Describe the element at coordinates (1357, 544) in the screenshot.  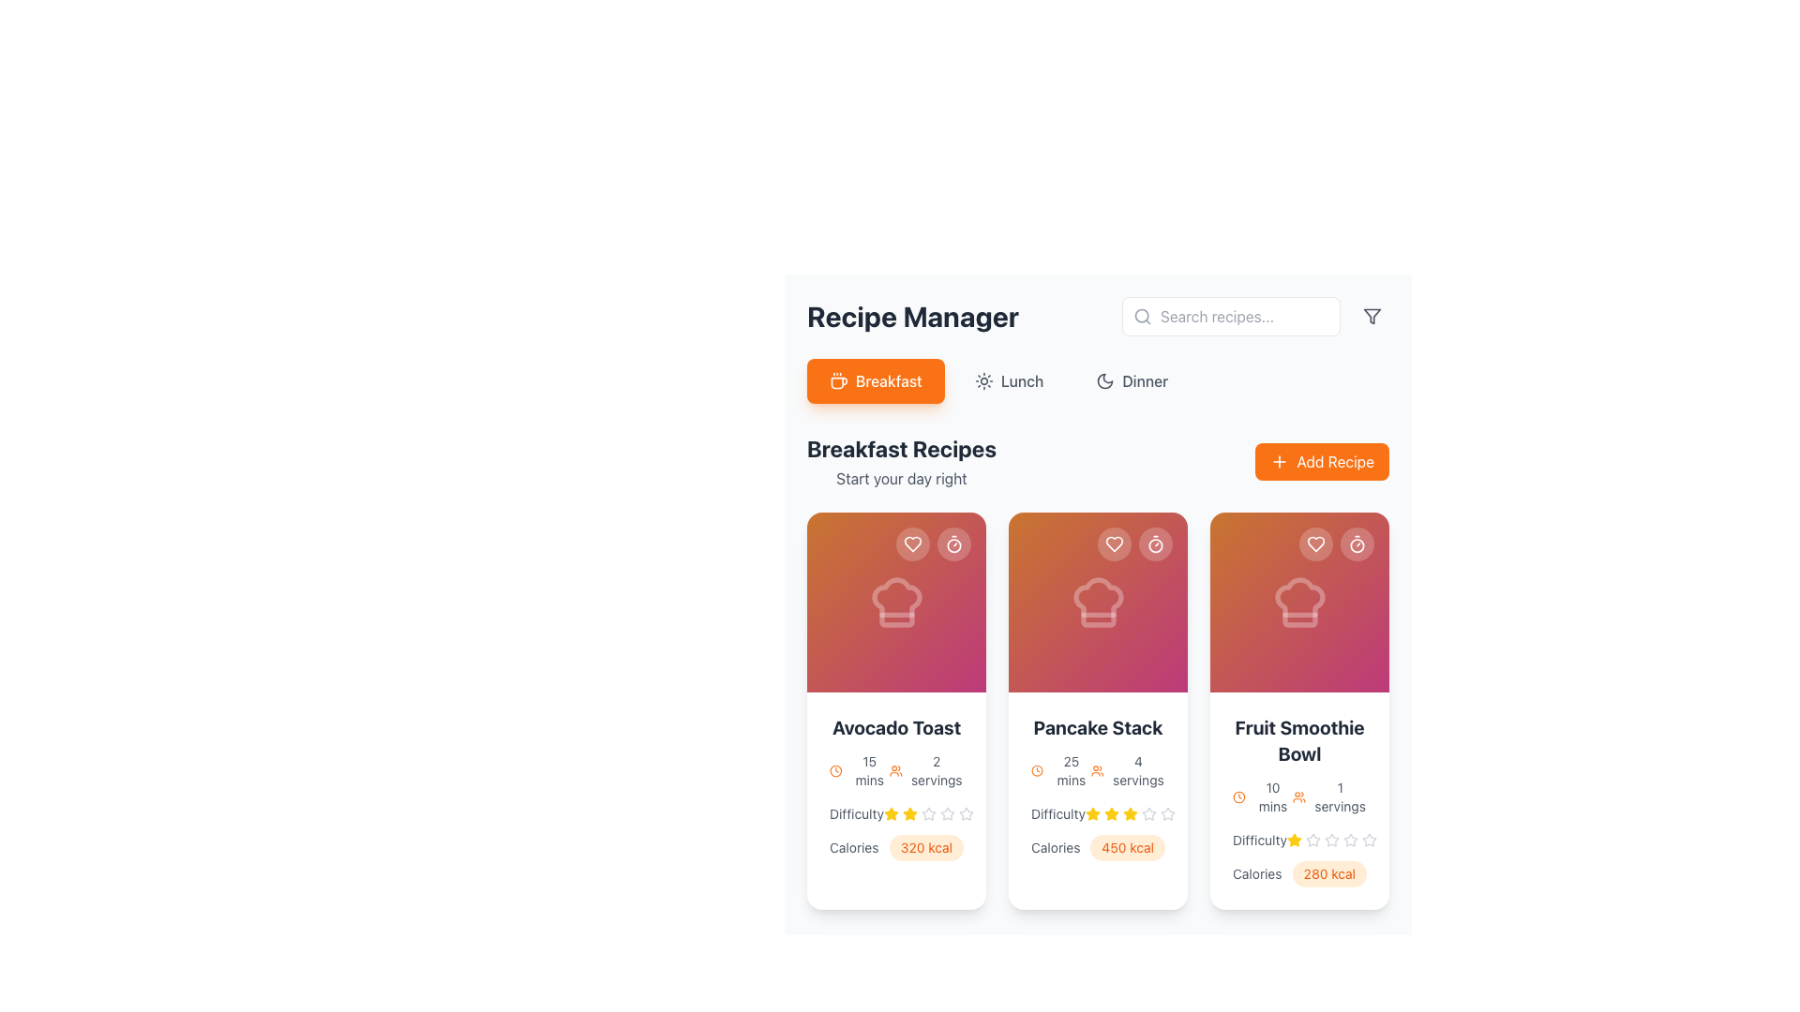
I see `the stopwatch button located at the top right corner inside the 'Fruit Smoothie Bowl' recipe card` at that location.